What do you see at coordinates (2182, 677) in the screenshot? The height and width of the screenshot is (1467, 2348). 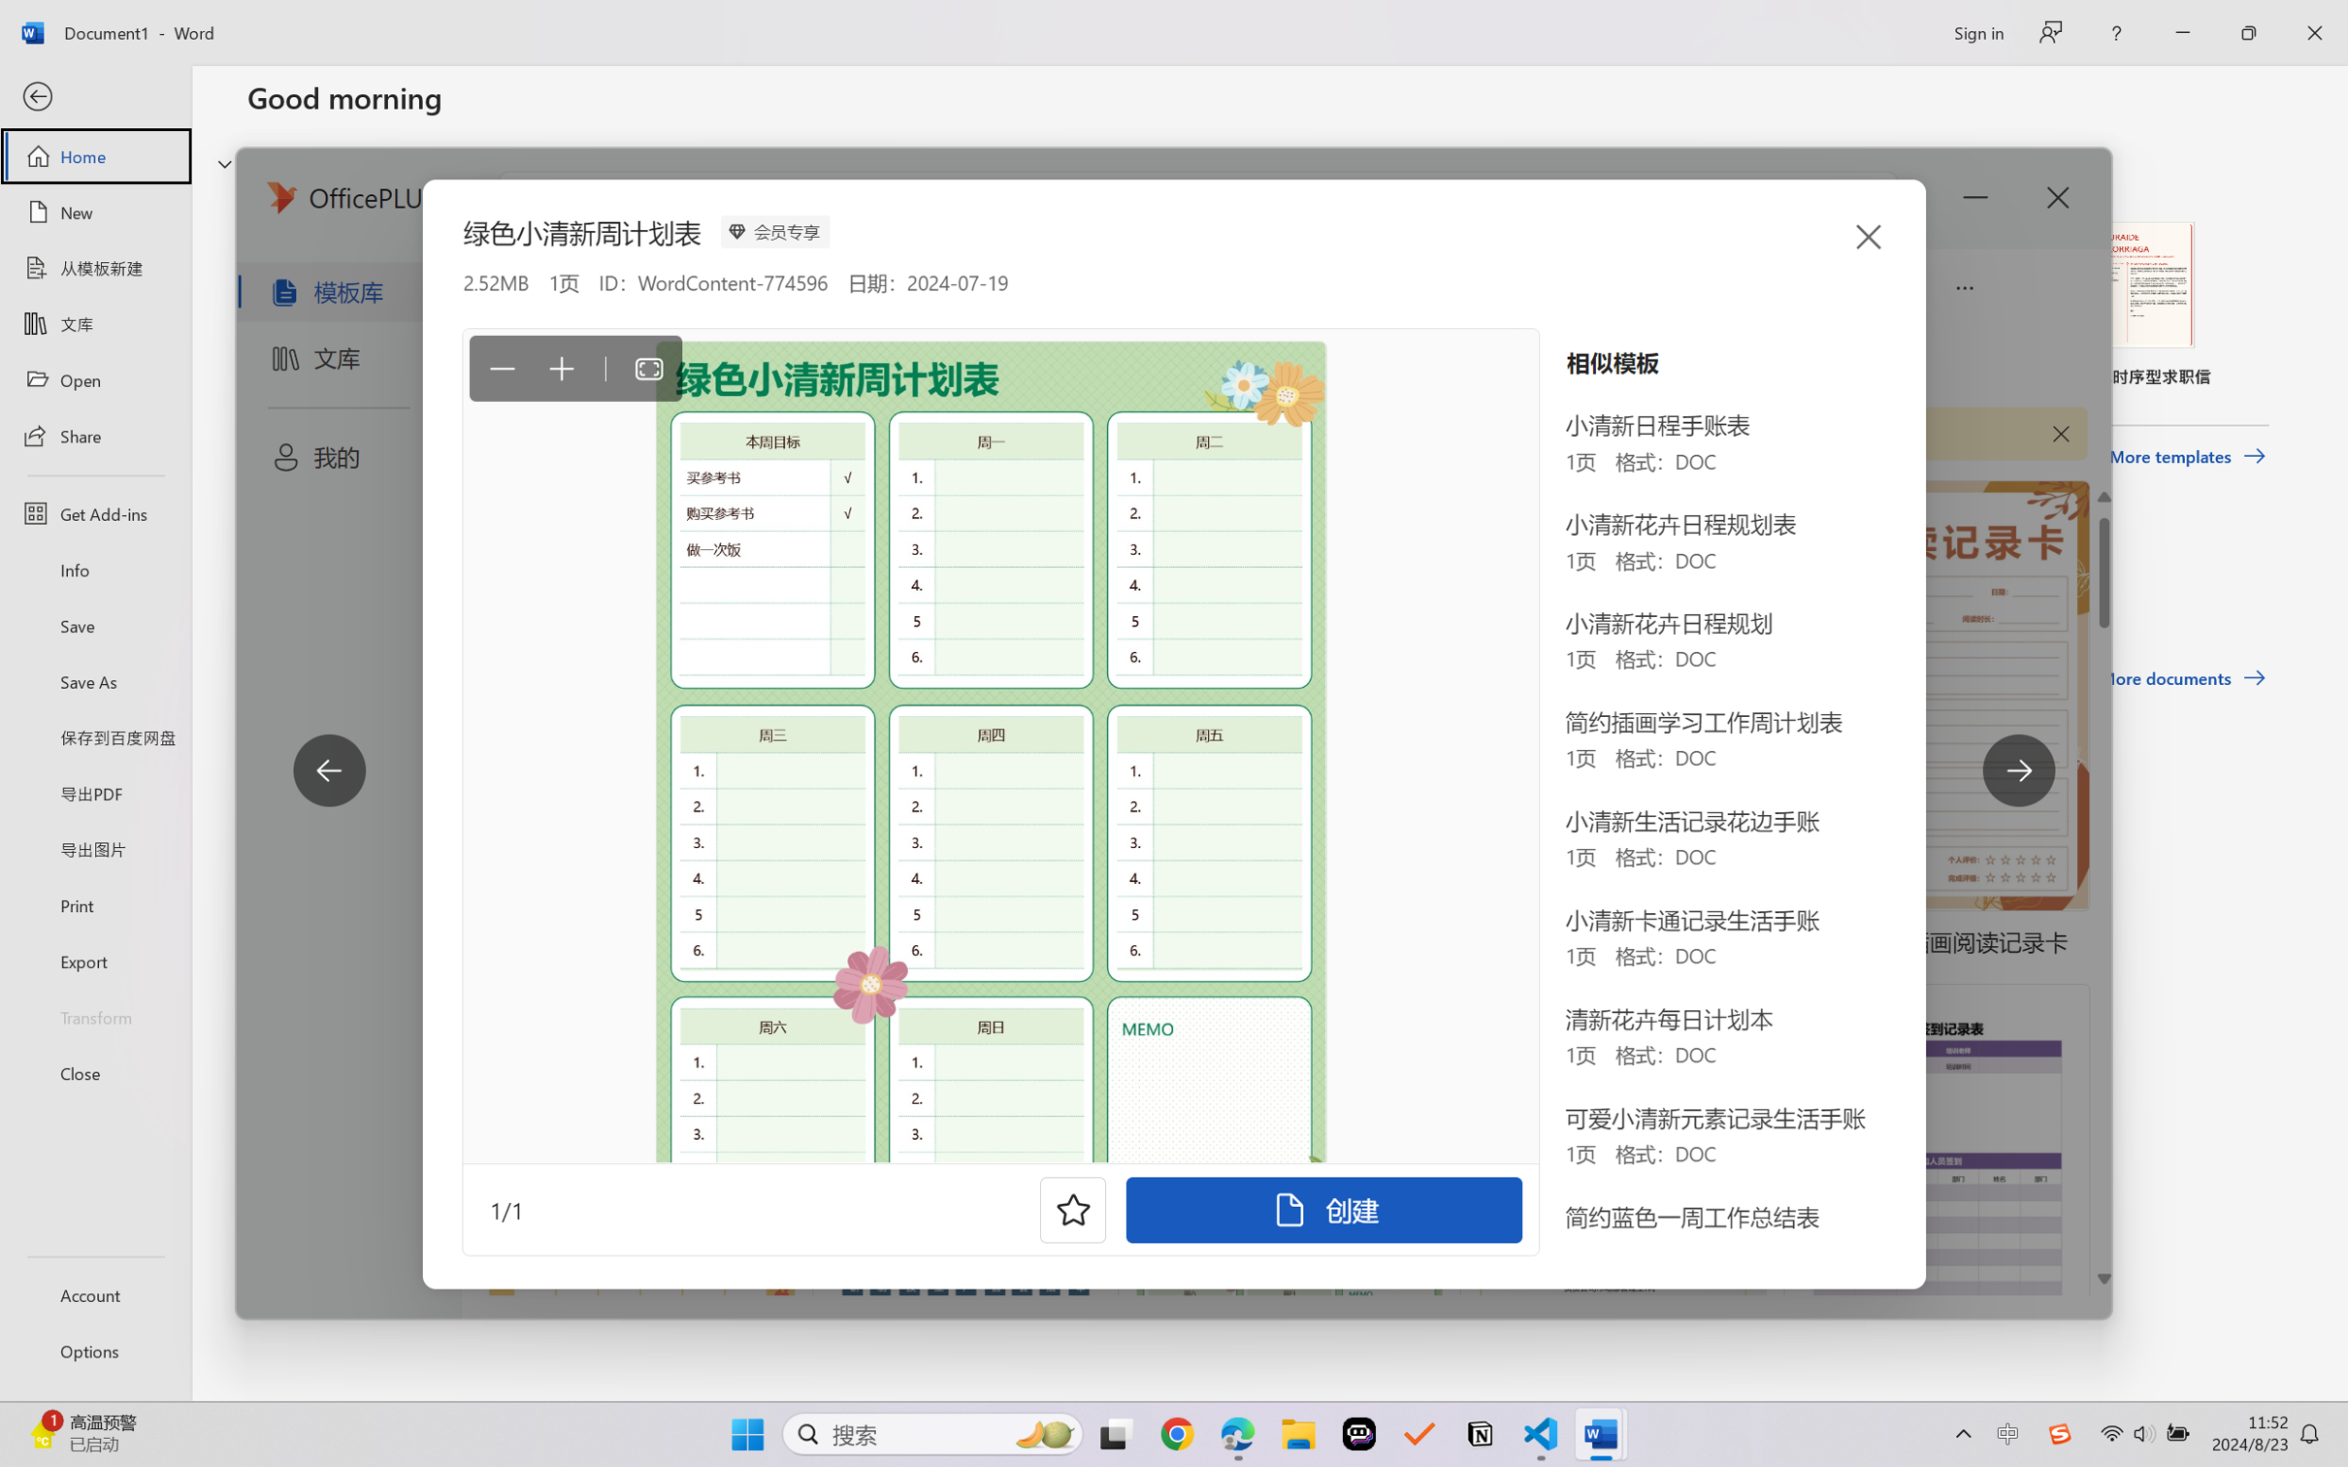 I see `'More documents'` at bounding box center [2182, 677].